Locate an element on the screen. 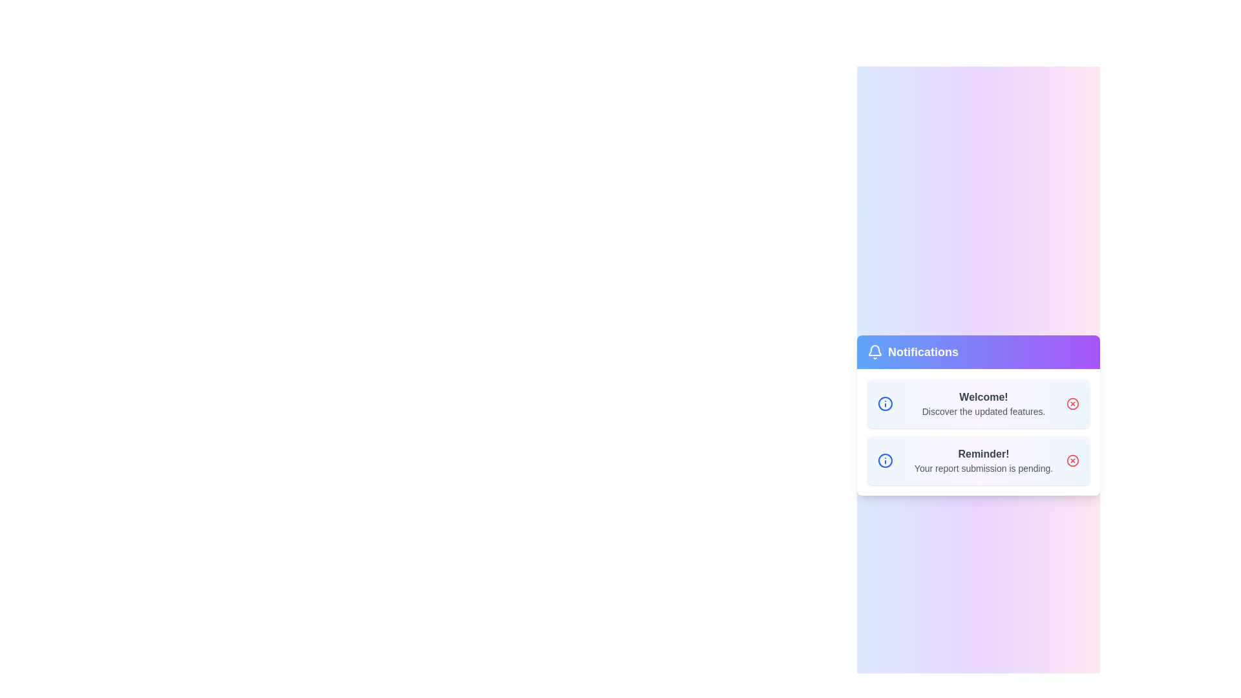 The image size is (1241, 698). descriptive text label that indicates the pending status of the report submission, located beneath the 'Reminder!' text within the notification card is located at coordinates (982, 469).